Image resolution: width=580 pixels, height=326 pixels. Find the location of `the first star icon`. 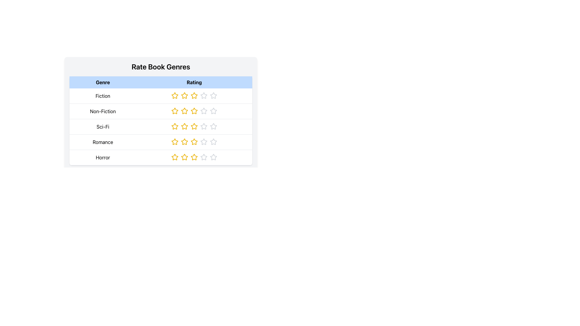

the first star icon is located at coordinates (175, 95).